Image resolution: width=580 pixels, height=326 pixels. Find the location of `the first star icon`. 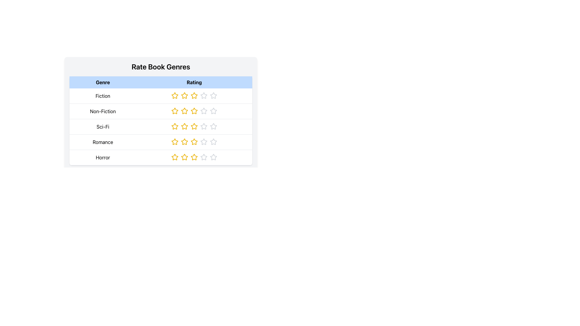

the first star icon is located at coordinates (175, 95).